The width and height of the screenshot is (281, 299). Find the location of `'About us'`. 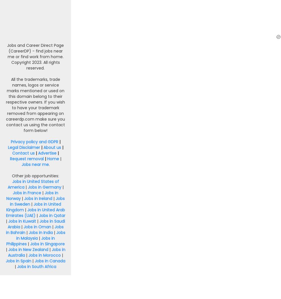

'About us' is located at coordinates (43, 147).